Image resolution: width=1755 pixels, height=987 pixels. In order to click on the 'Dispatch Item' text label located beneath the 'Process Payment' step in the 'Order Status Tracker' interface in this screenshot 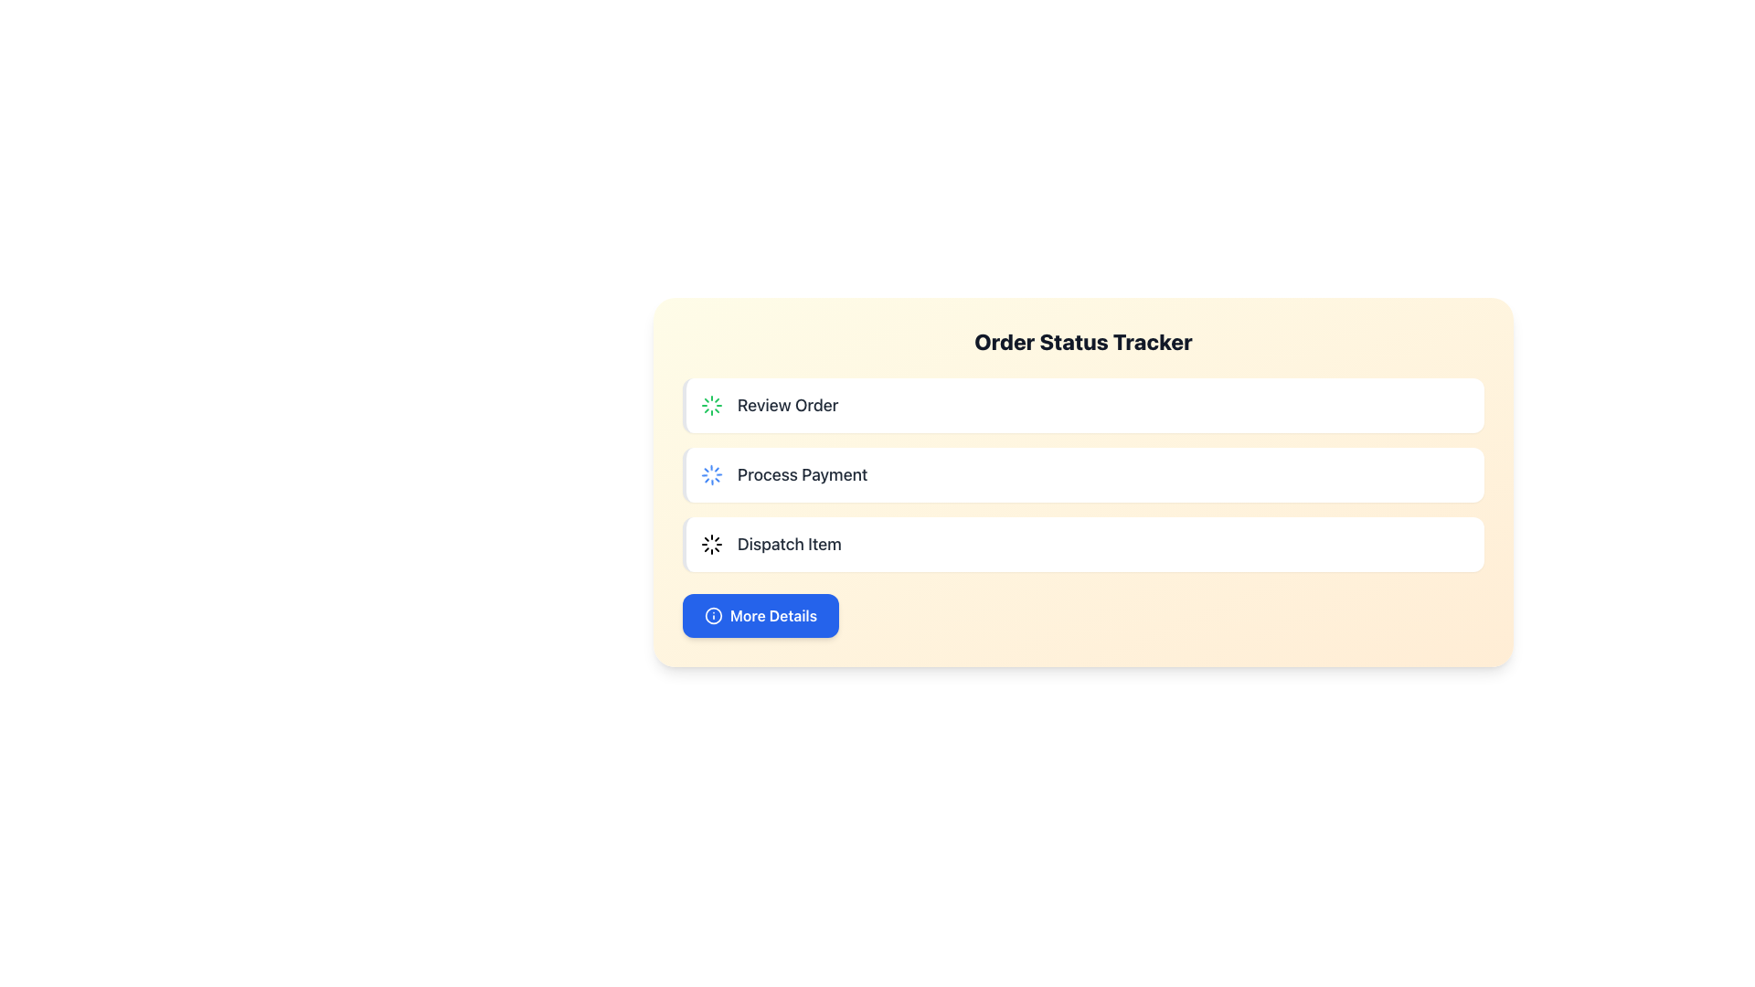, I will do `click(789, 544)`.